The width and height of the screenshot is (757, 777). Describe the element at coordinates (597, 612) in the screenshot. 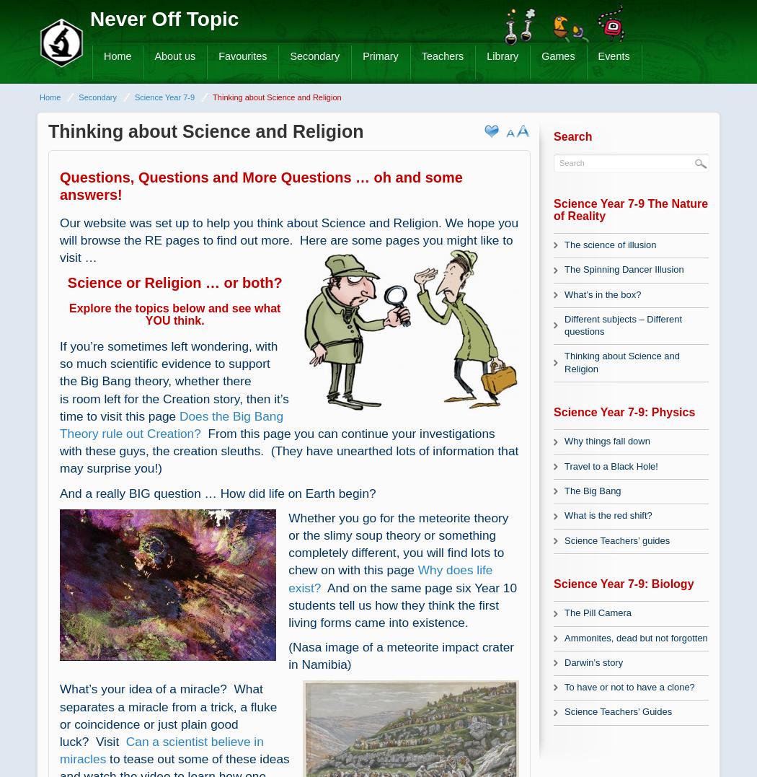

I see `'The Pill Camera'` at that location.